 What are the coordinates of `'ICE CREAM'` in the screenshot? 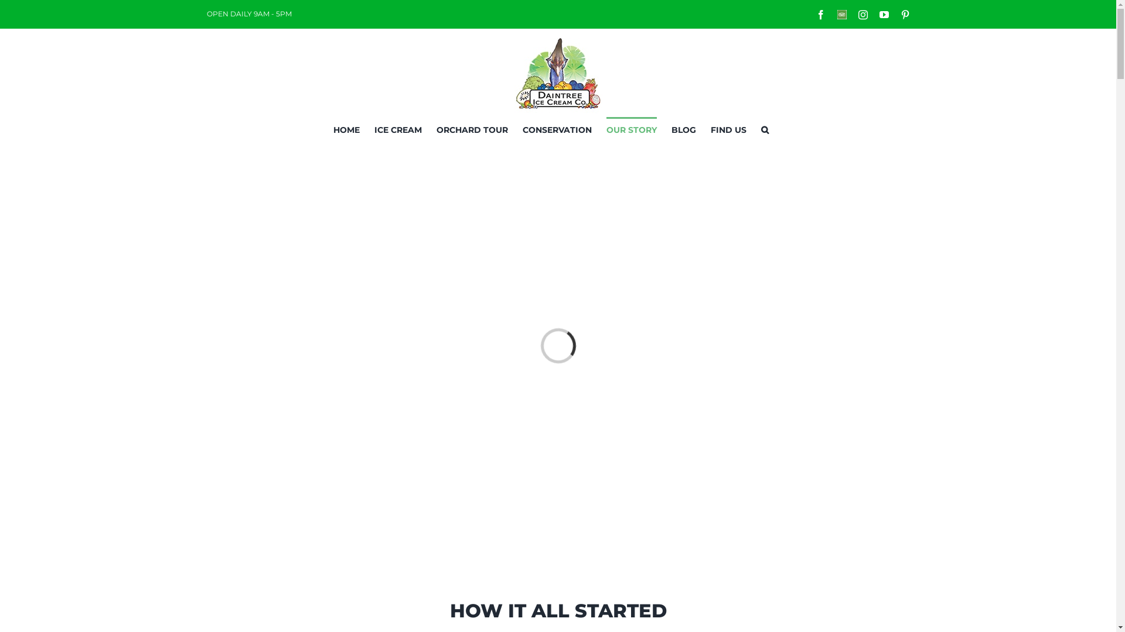 It's located at (397, 128).